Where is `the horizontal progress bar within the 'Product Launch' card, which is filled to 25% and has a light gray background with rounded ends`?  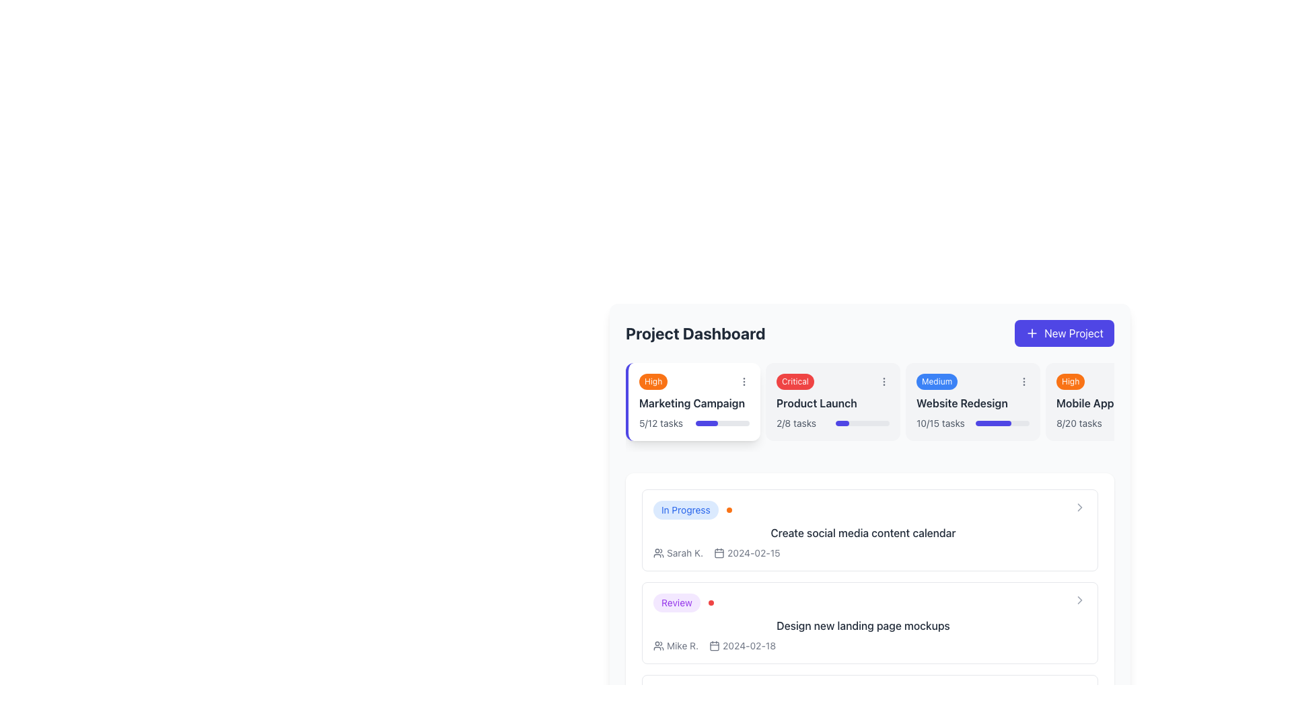 the horizontal progress bar within the 'Product Launch' card, which is filled to 25% and has a light gray background with rounded ends is located at coordinates (862, 422).